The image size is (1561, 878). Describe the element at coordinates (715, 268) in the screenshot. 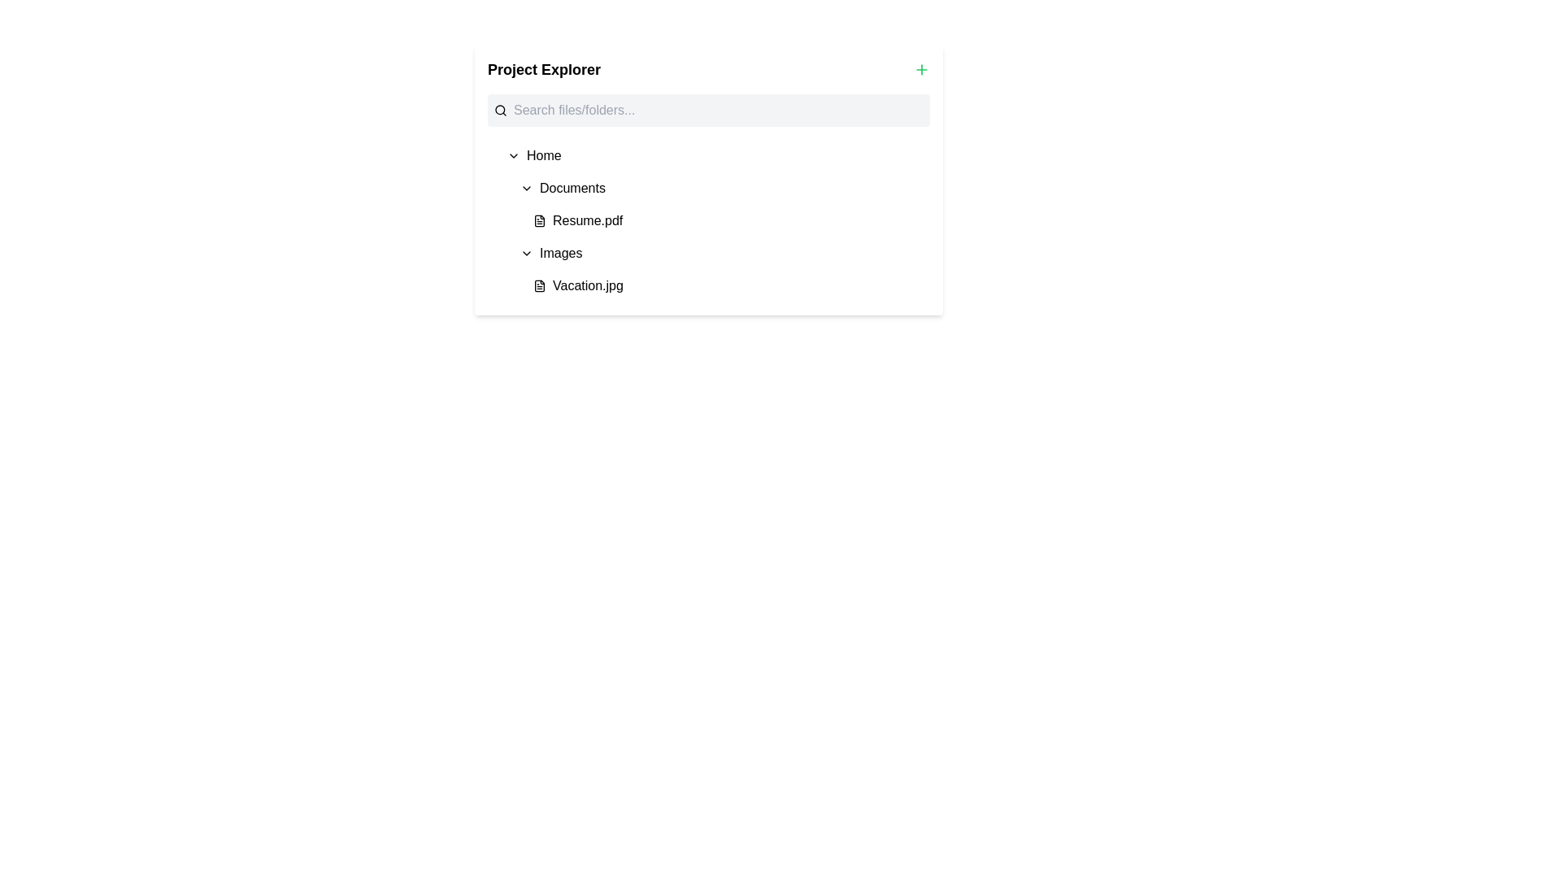

I see `the 'Vacation.jpg' file item located` at that location.